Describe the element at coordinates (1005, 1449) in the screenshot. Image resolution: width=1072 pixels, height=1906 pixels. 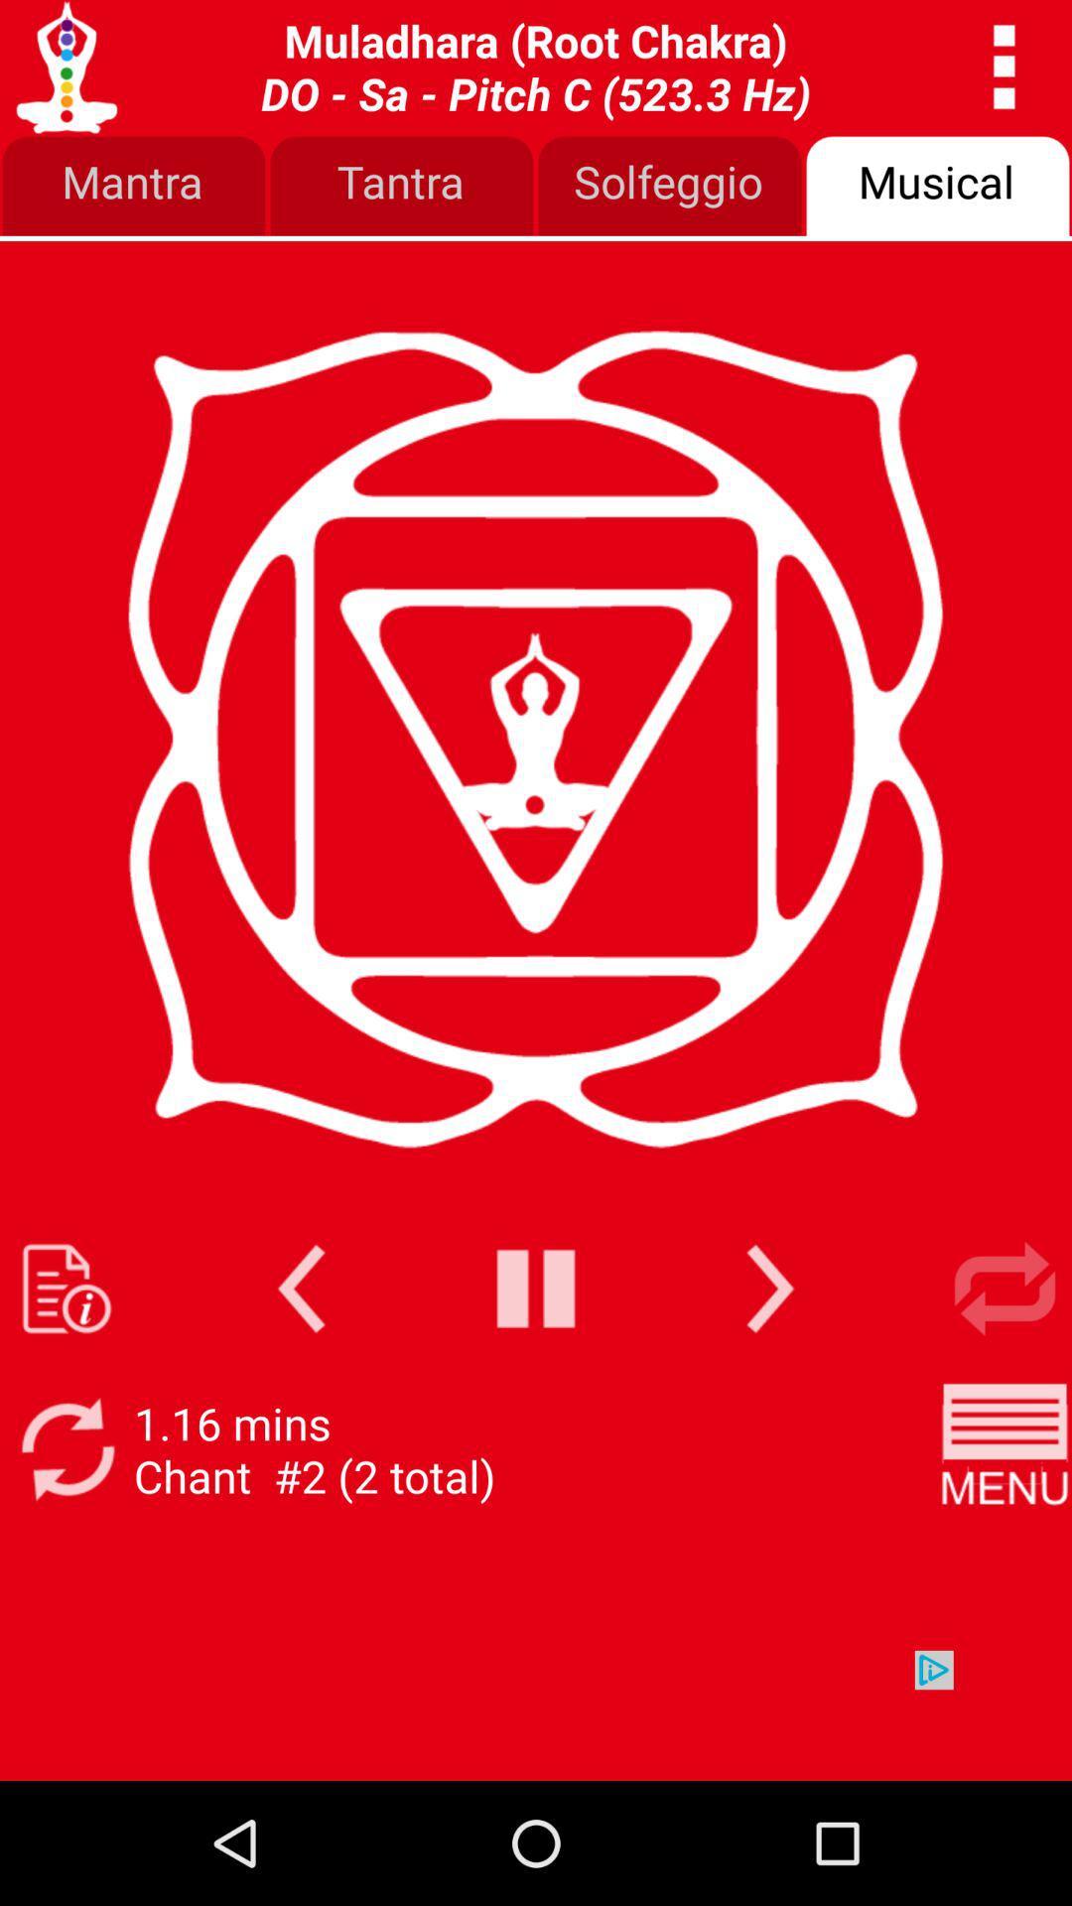
I see `menu option` at that location.